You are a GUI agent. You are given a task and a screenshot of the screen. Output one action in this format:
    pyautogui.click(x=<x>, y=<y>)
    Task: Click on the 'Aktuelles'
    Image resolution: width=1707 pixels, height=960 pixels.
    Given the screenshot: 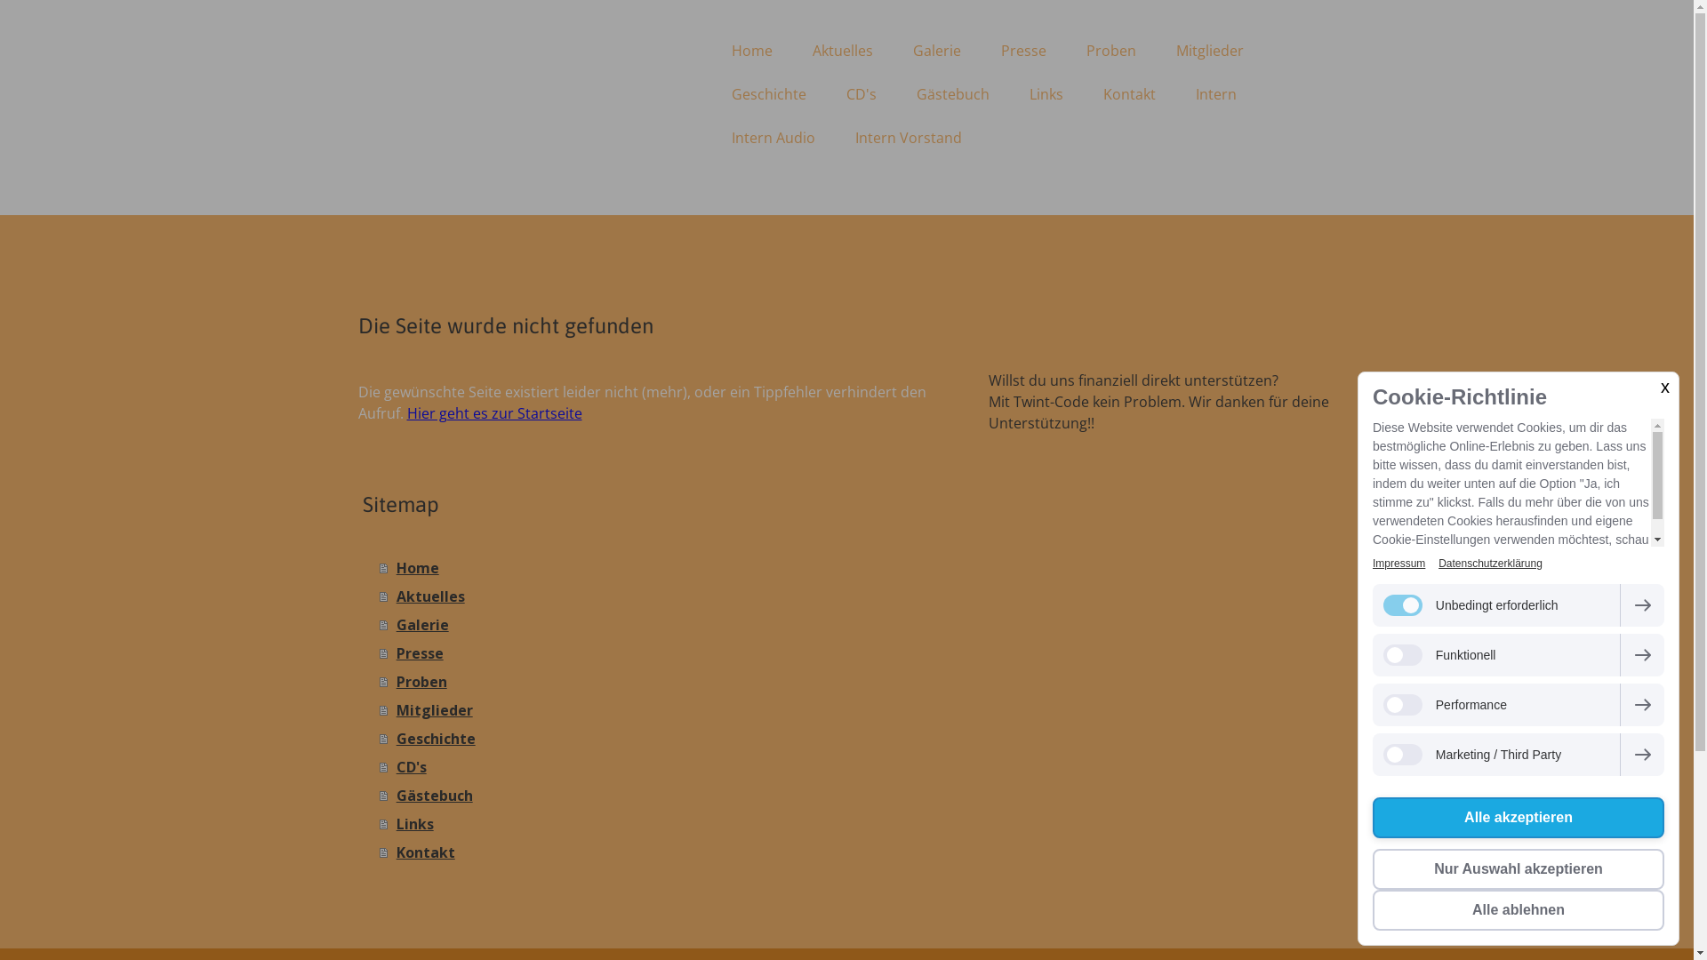 What is the action you would take?
    pyautogui.click(x=842, y=50)
    